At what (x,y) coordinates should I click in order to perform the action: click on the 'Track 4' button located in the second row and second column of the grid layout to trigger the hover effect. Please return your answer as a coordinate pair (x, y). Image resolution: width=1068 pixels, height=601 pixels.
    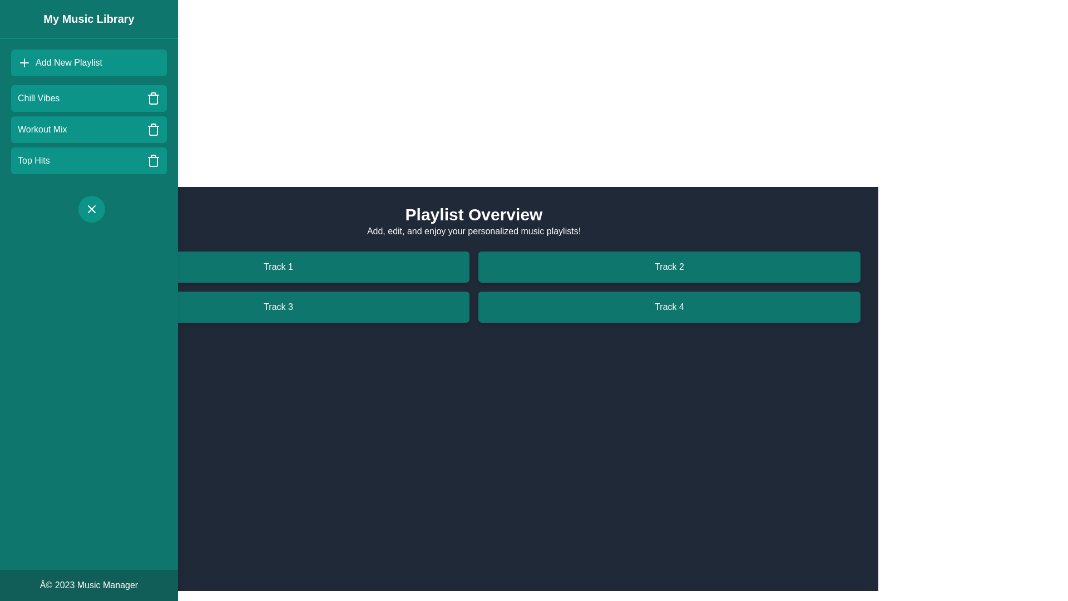
    Looking at the image, I should click on (669, 307).